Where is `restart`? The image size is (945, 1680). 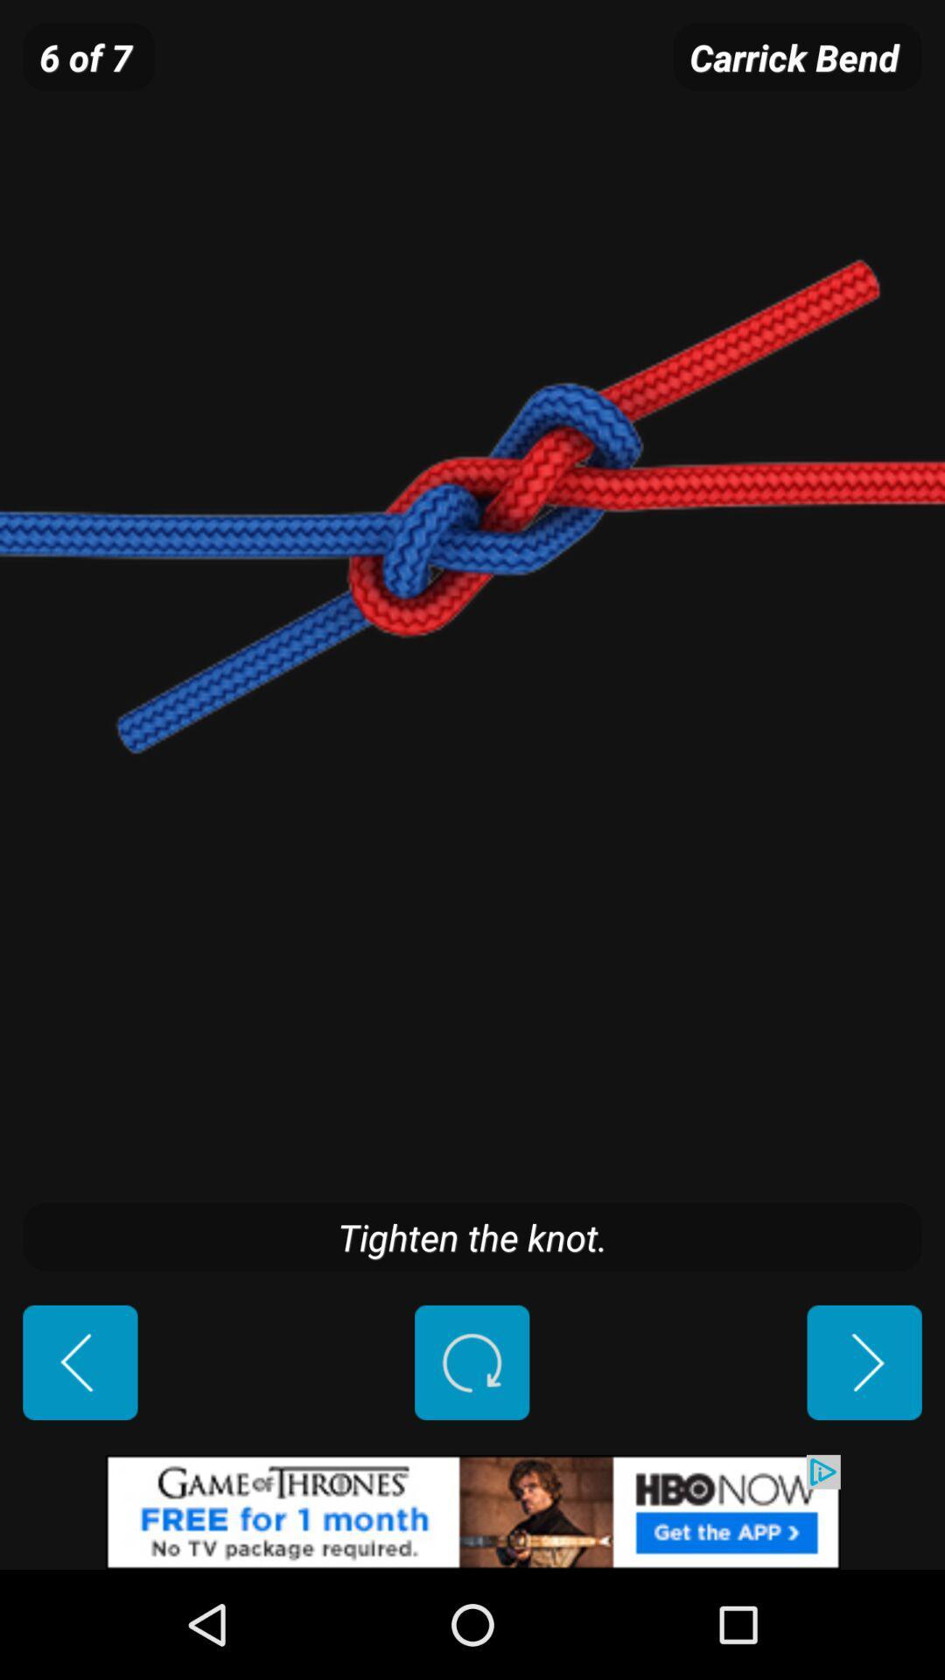
restart is located at coordinates (471, 1361).